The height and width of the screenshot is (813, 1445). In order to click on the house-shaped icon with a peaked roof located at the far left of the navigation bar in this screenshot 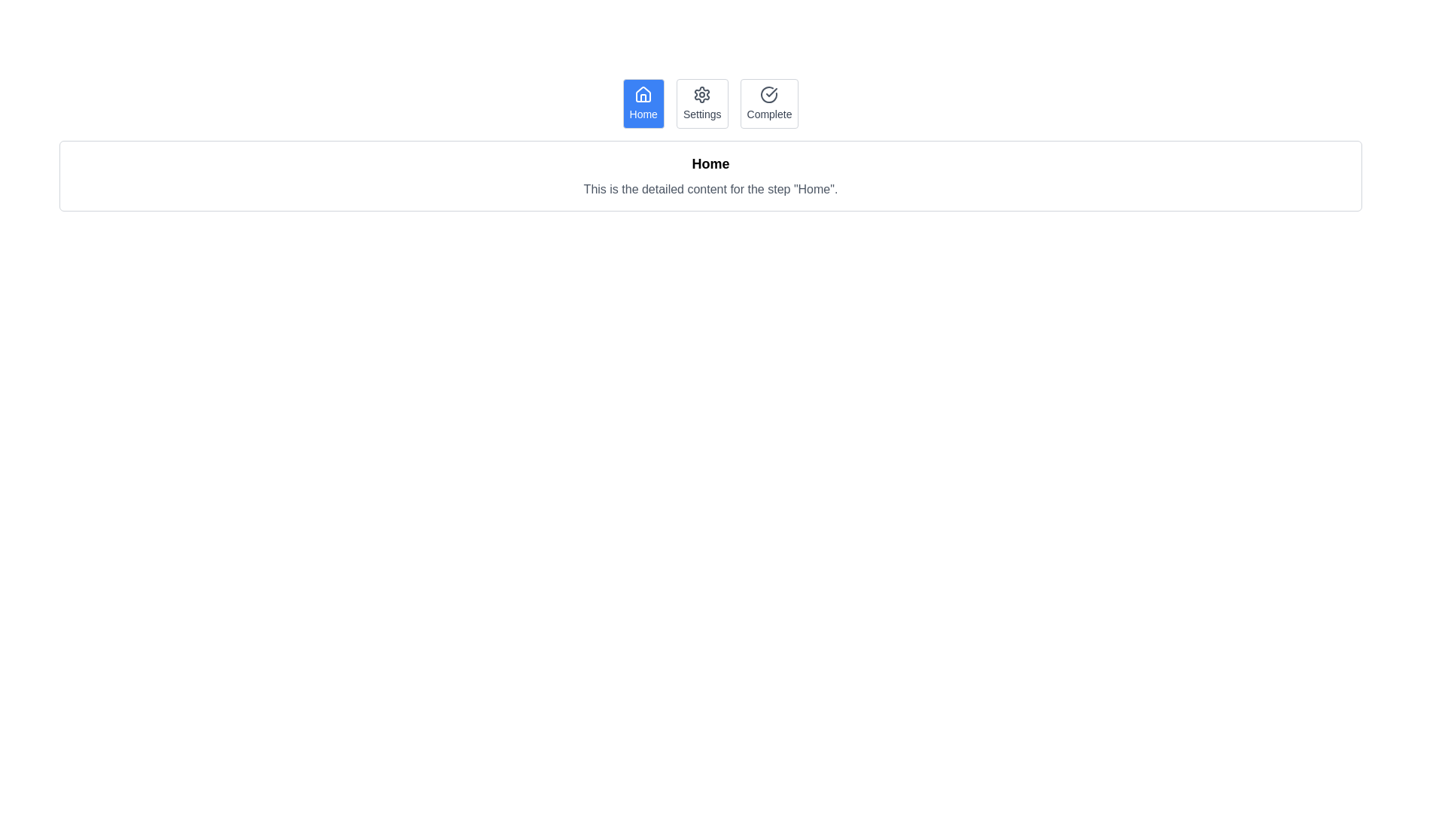, I will do `click(643, 94)`.